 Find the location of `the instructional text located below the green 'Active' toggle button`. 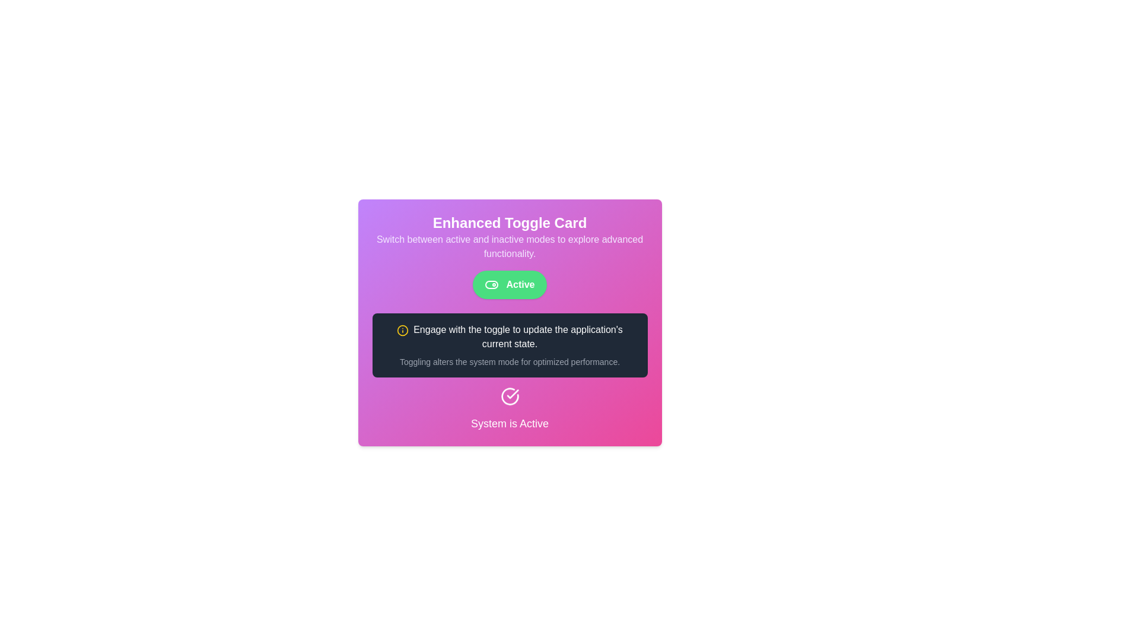

the instructional text located below the green 'Active' toggle button is located at coordinates (510, 337).